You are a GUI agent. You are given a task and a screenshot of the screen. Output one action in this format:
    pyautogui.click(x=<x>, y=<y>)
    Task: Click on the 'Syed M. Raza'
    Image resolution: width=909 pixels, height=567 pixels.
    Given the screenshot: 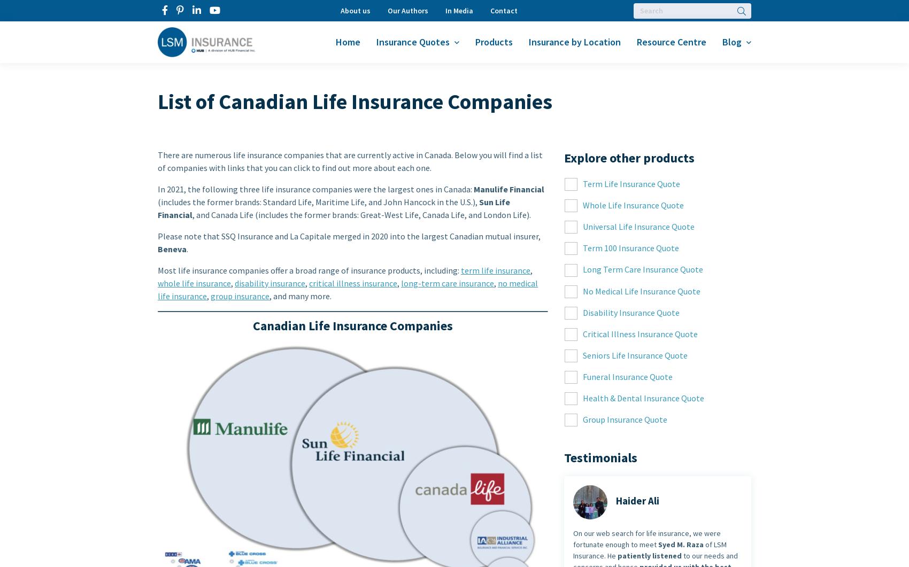 What is the action you would take?
    pyautogui.click(x=680, y=543)
    